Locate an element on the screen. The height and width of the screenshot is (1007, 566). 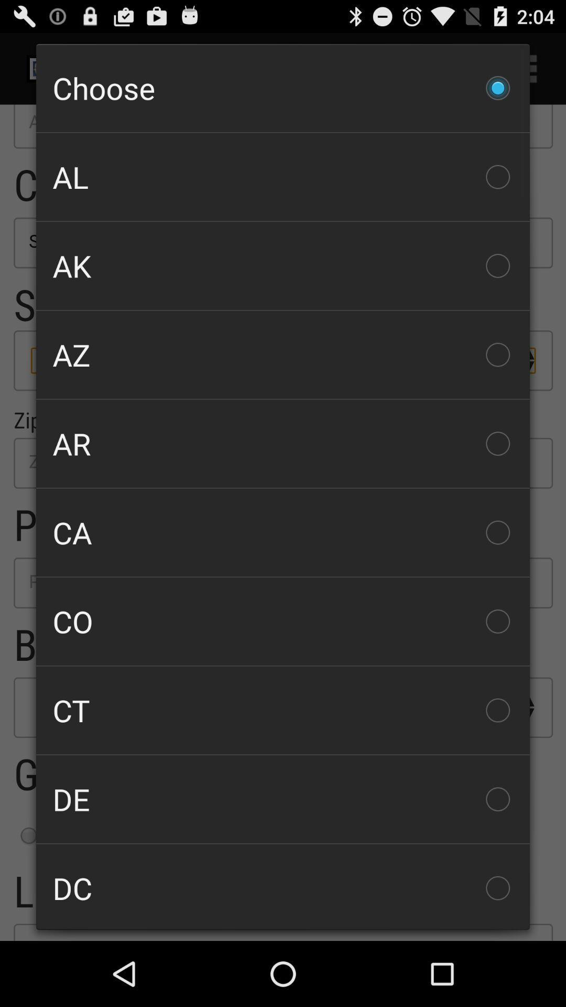
the checkbox above co icon is located at coordinates (283, 532).